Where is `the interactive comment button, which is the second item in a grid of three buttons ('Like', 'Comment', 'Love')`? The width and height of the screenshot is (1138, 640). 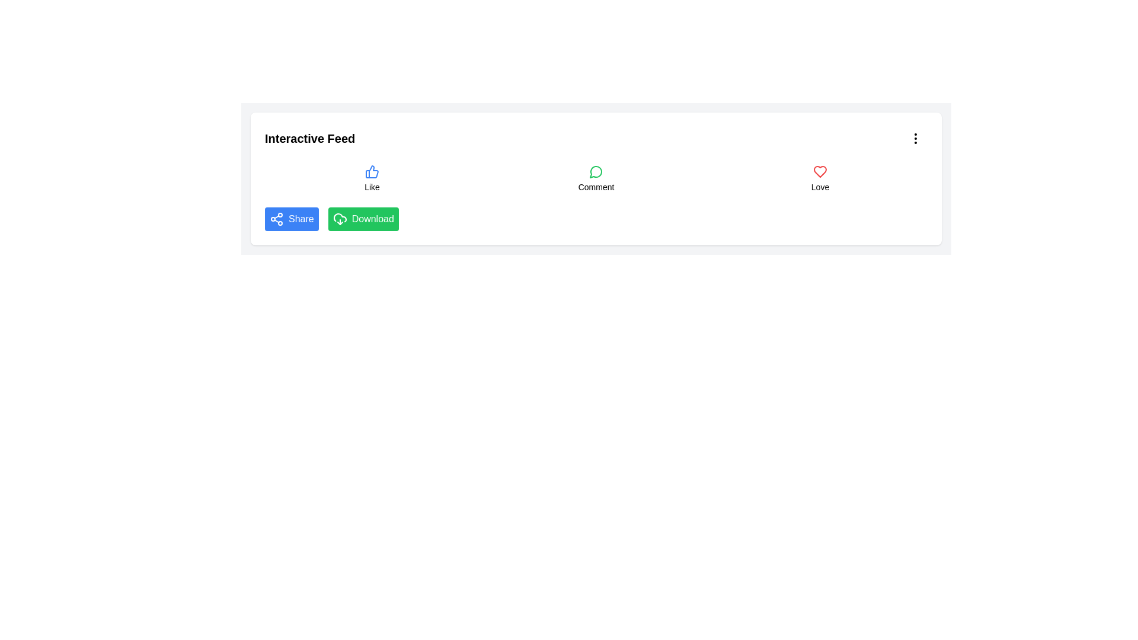 the interactive comment button, which is the second item in a grid of three buttons ('Like', 'Comment', 'Love') is located at coordinates (596, 178).